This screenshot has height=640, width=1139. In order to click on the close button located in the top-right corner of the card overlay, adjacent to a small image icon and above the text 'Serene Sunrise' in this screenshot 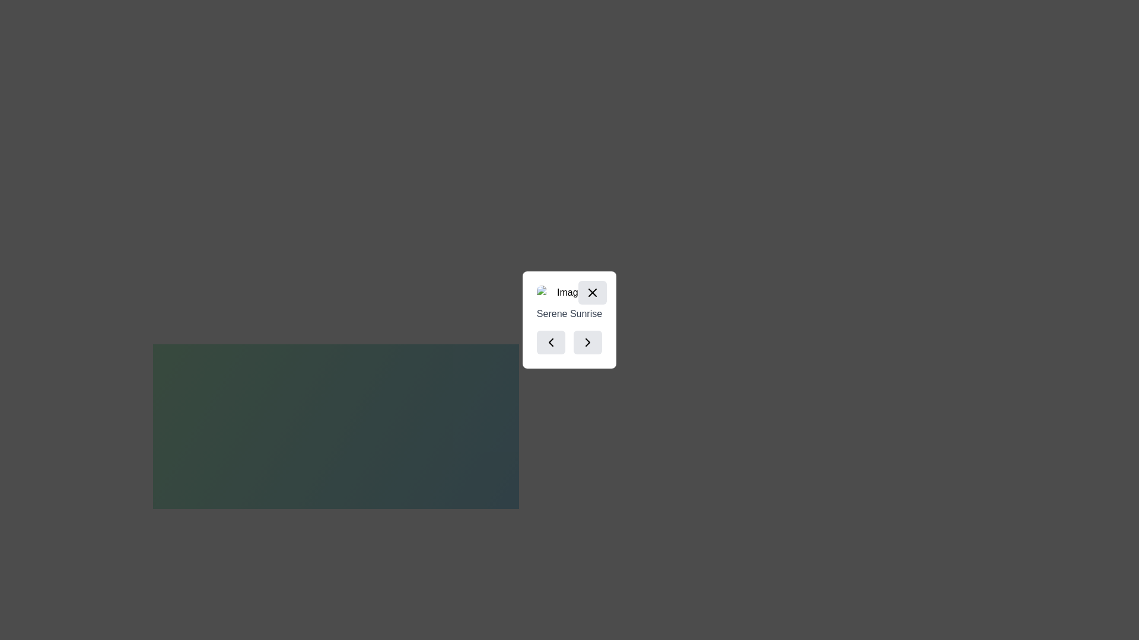, I will do `click(593, 292)`.